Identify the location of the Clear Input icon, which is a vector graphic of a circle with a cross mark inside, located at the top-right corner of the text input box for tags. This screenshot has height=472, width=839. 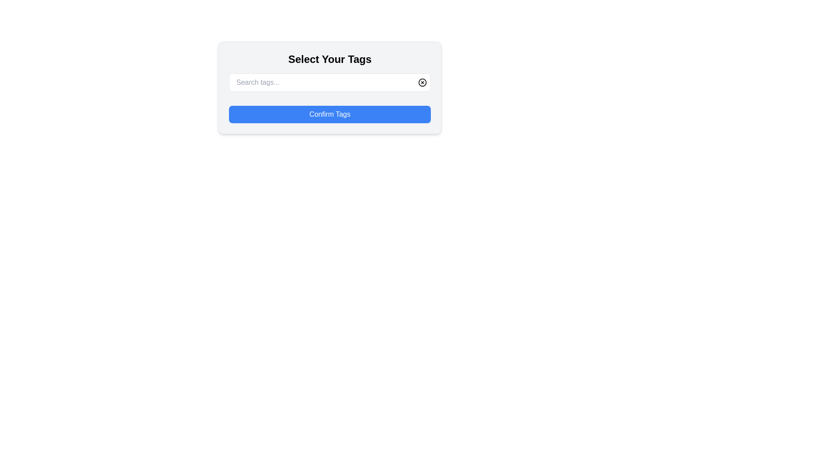
(422, 83).